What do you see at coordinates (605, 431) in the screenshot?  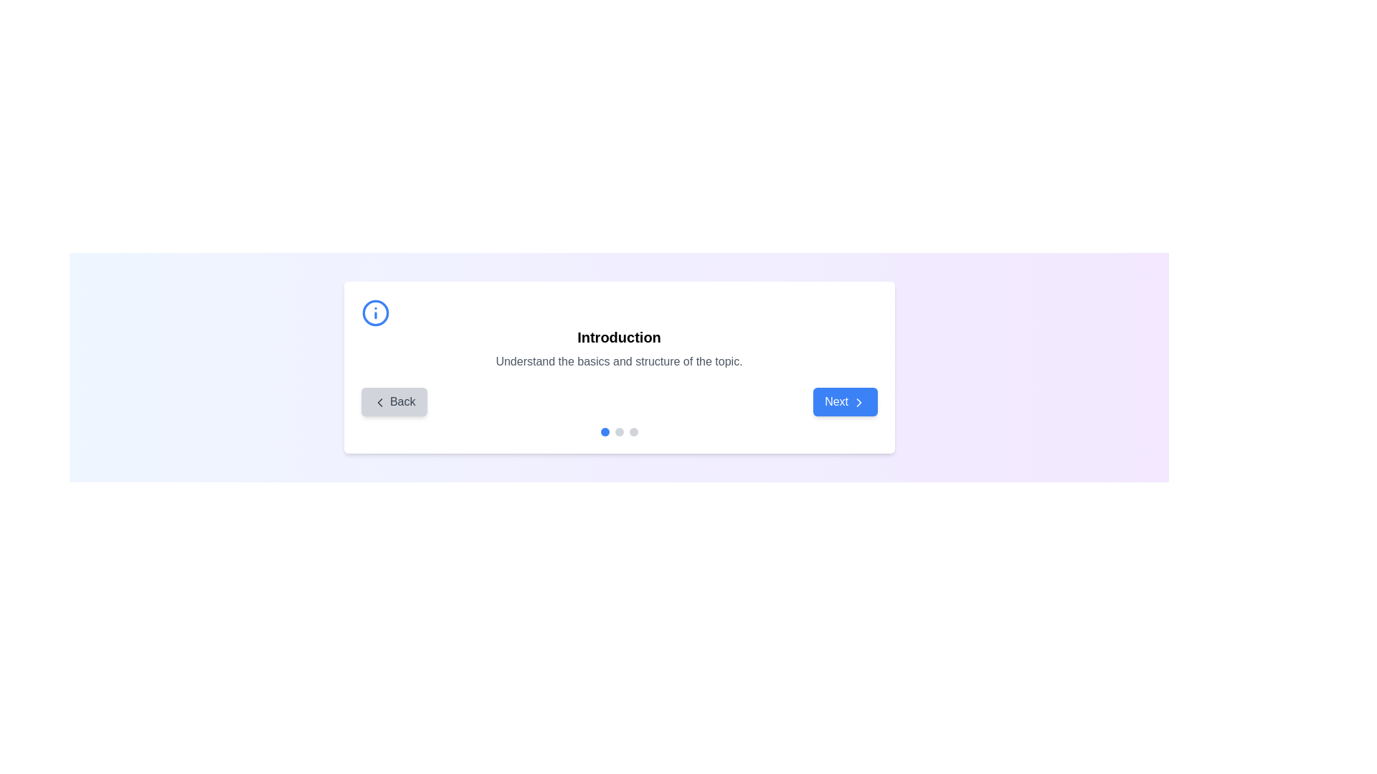 I see `the first blue dot indicator, which is part of a sequence located beneath the 'Introduction' content block` at bounding box center [605, 431].